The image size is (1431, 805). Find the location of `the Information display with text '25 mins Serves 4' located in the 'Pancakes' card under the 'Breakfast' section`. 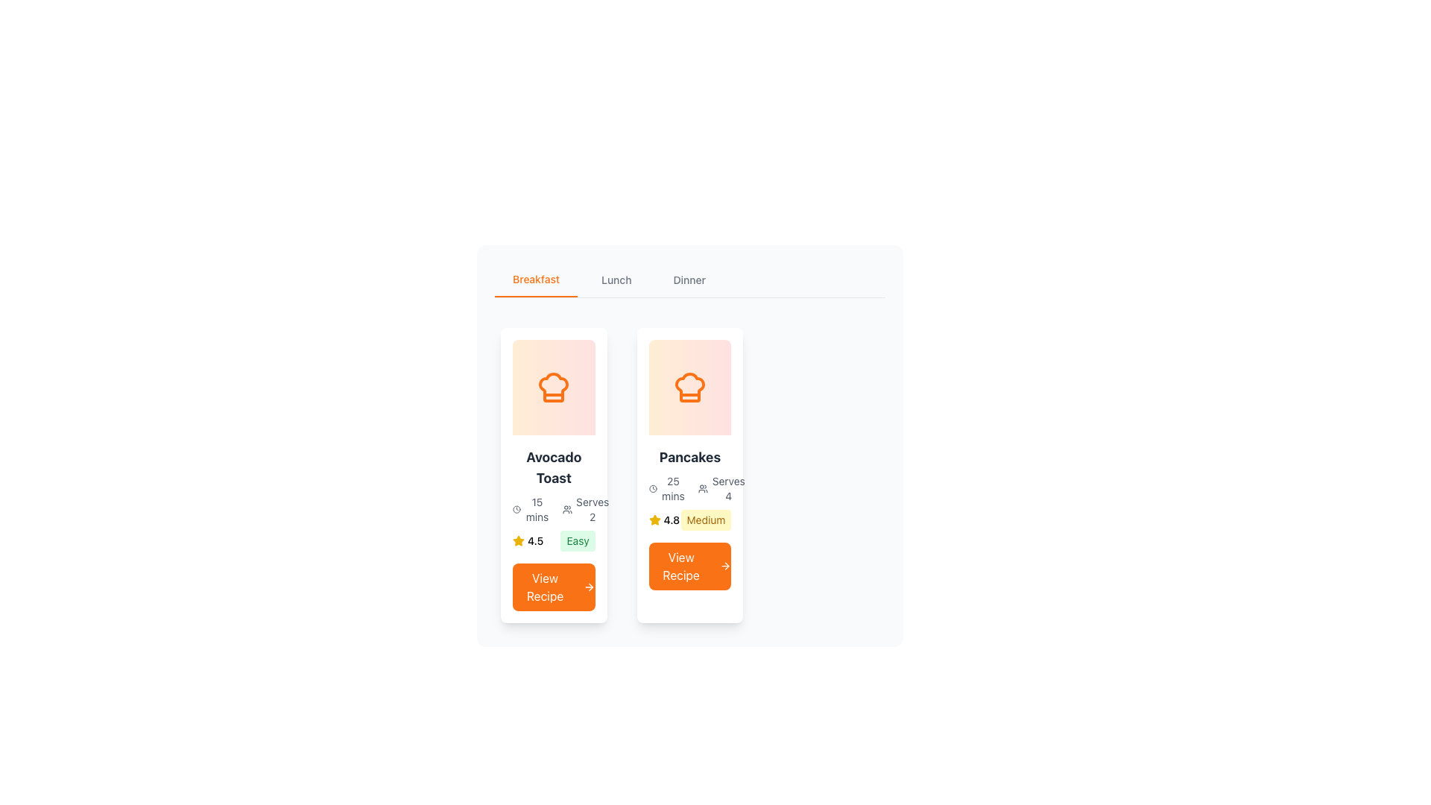

the Information display with text '25 mins Serves 4' located in the 'Pancakes' card under the 'Breakfast' section is located at coordinates (689, 488).